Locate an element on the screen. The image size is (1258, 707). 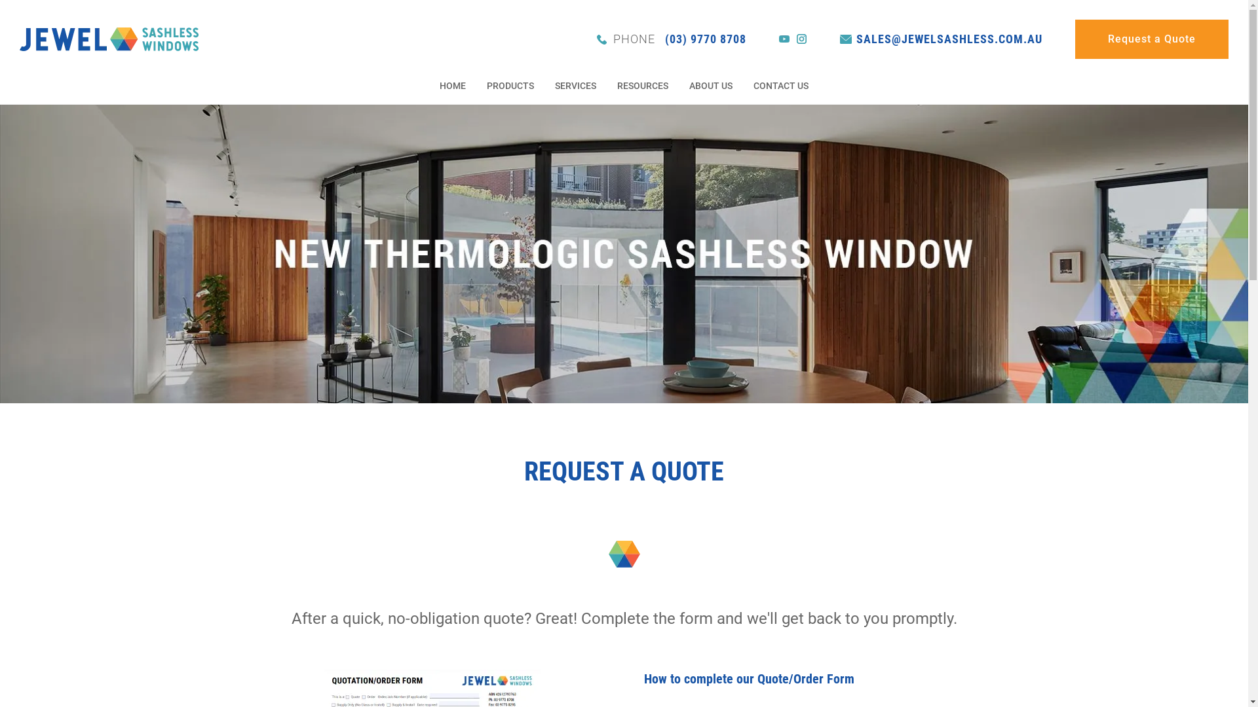
'PRODUCTS' is located at coordinates (509, 86).